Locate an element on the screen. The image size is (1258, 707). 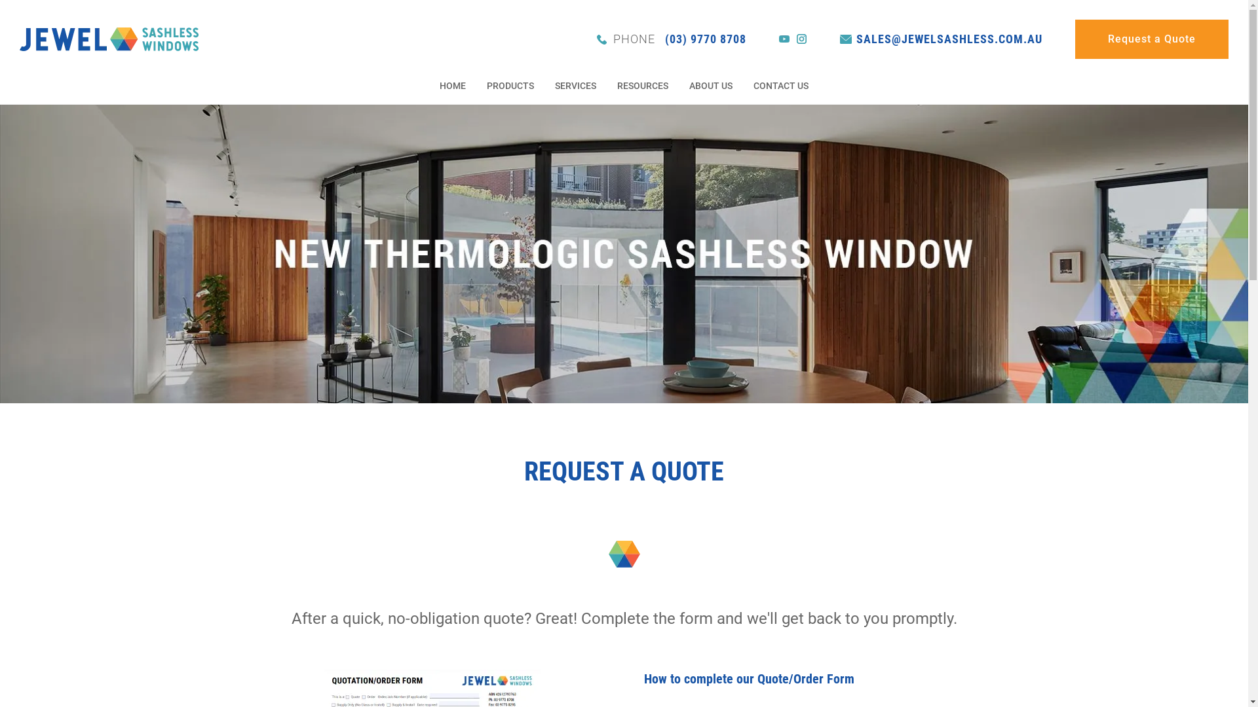
'PRODUCTS' is located at coordinates (509, 86).